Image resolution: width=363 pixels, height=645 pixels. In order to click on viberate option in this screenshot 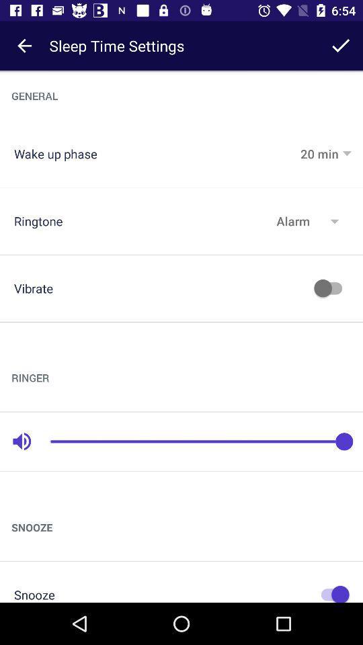, I will do `click(331, 288)`.